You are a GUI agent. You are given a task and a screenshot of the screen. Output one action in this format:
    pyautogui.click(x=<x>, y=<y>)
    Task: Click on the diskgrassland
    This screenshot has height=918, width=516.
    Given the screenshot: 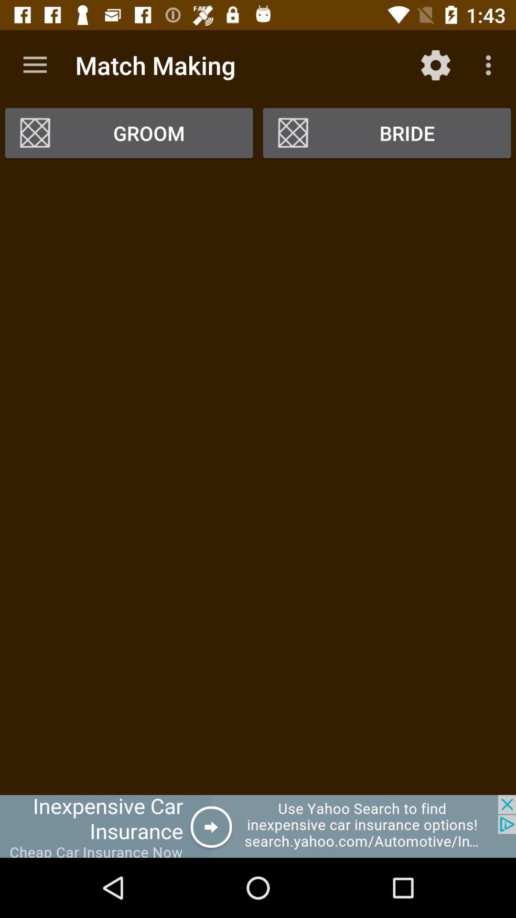 What is the action you would take?
    pyautogui.click(x=258, y=826)
    